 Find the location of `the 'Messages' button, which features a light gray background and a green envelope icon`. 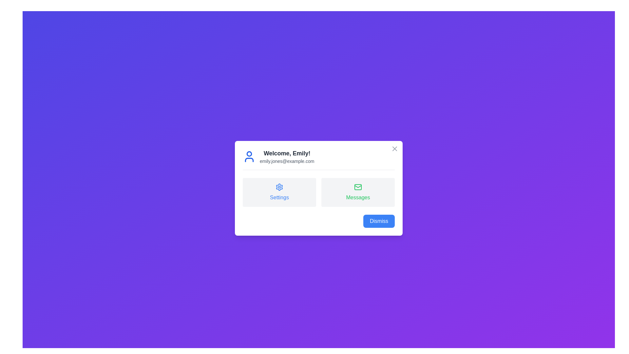

the 'Messages' button, which features a light gray background and a green envelope icon is located at coordinates (358, 192).